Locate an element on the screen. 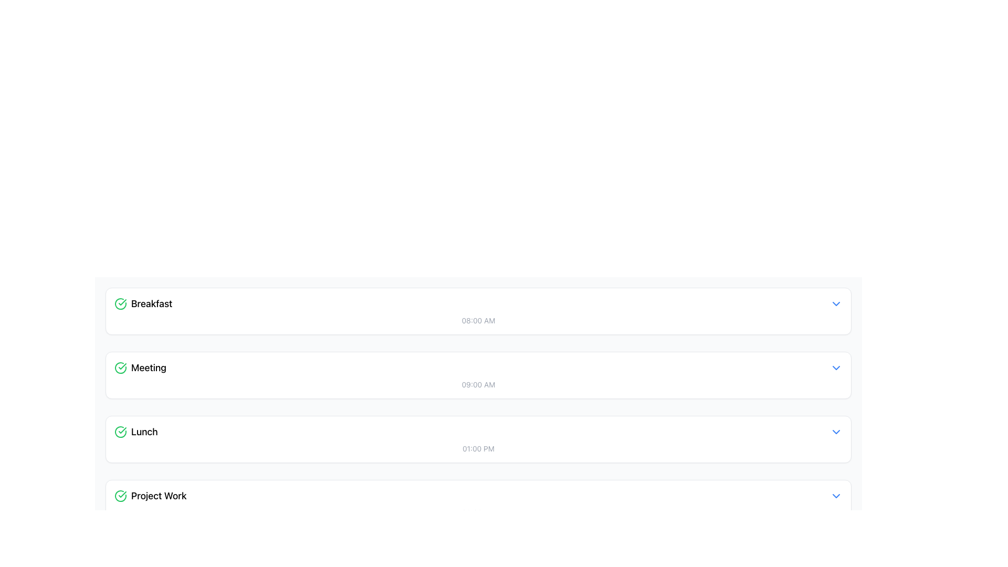 The image size is (1008, 567). the green outlined circular icon with a checkmark inside, which indicates a completed item, located to the left of the text 'Lunch' is located at coordinates (121, 432).